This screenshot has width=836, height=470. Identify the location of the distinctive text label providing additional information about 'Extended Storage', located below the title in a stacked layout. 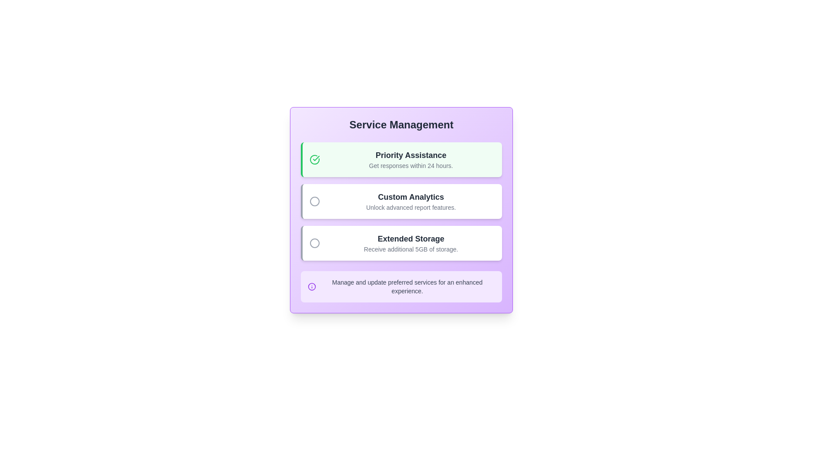
(411, 249).